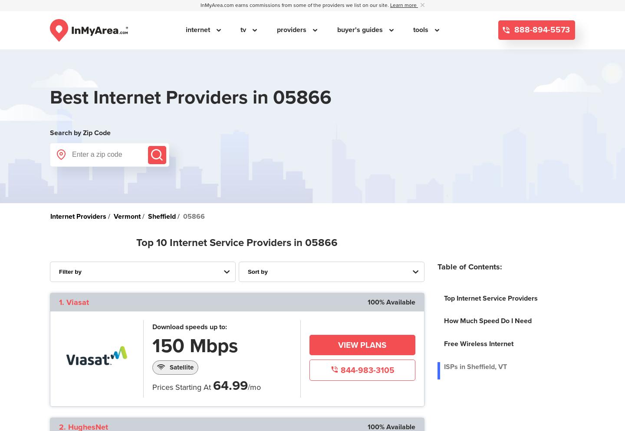  I want to click on '888-894-5573', so click(512, 29).